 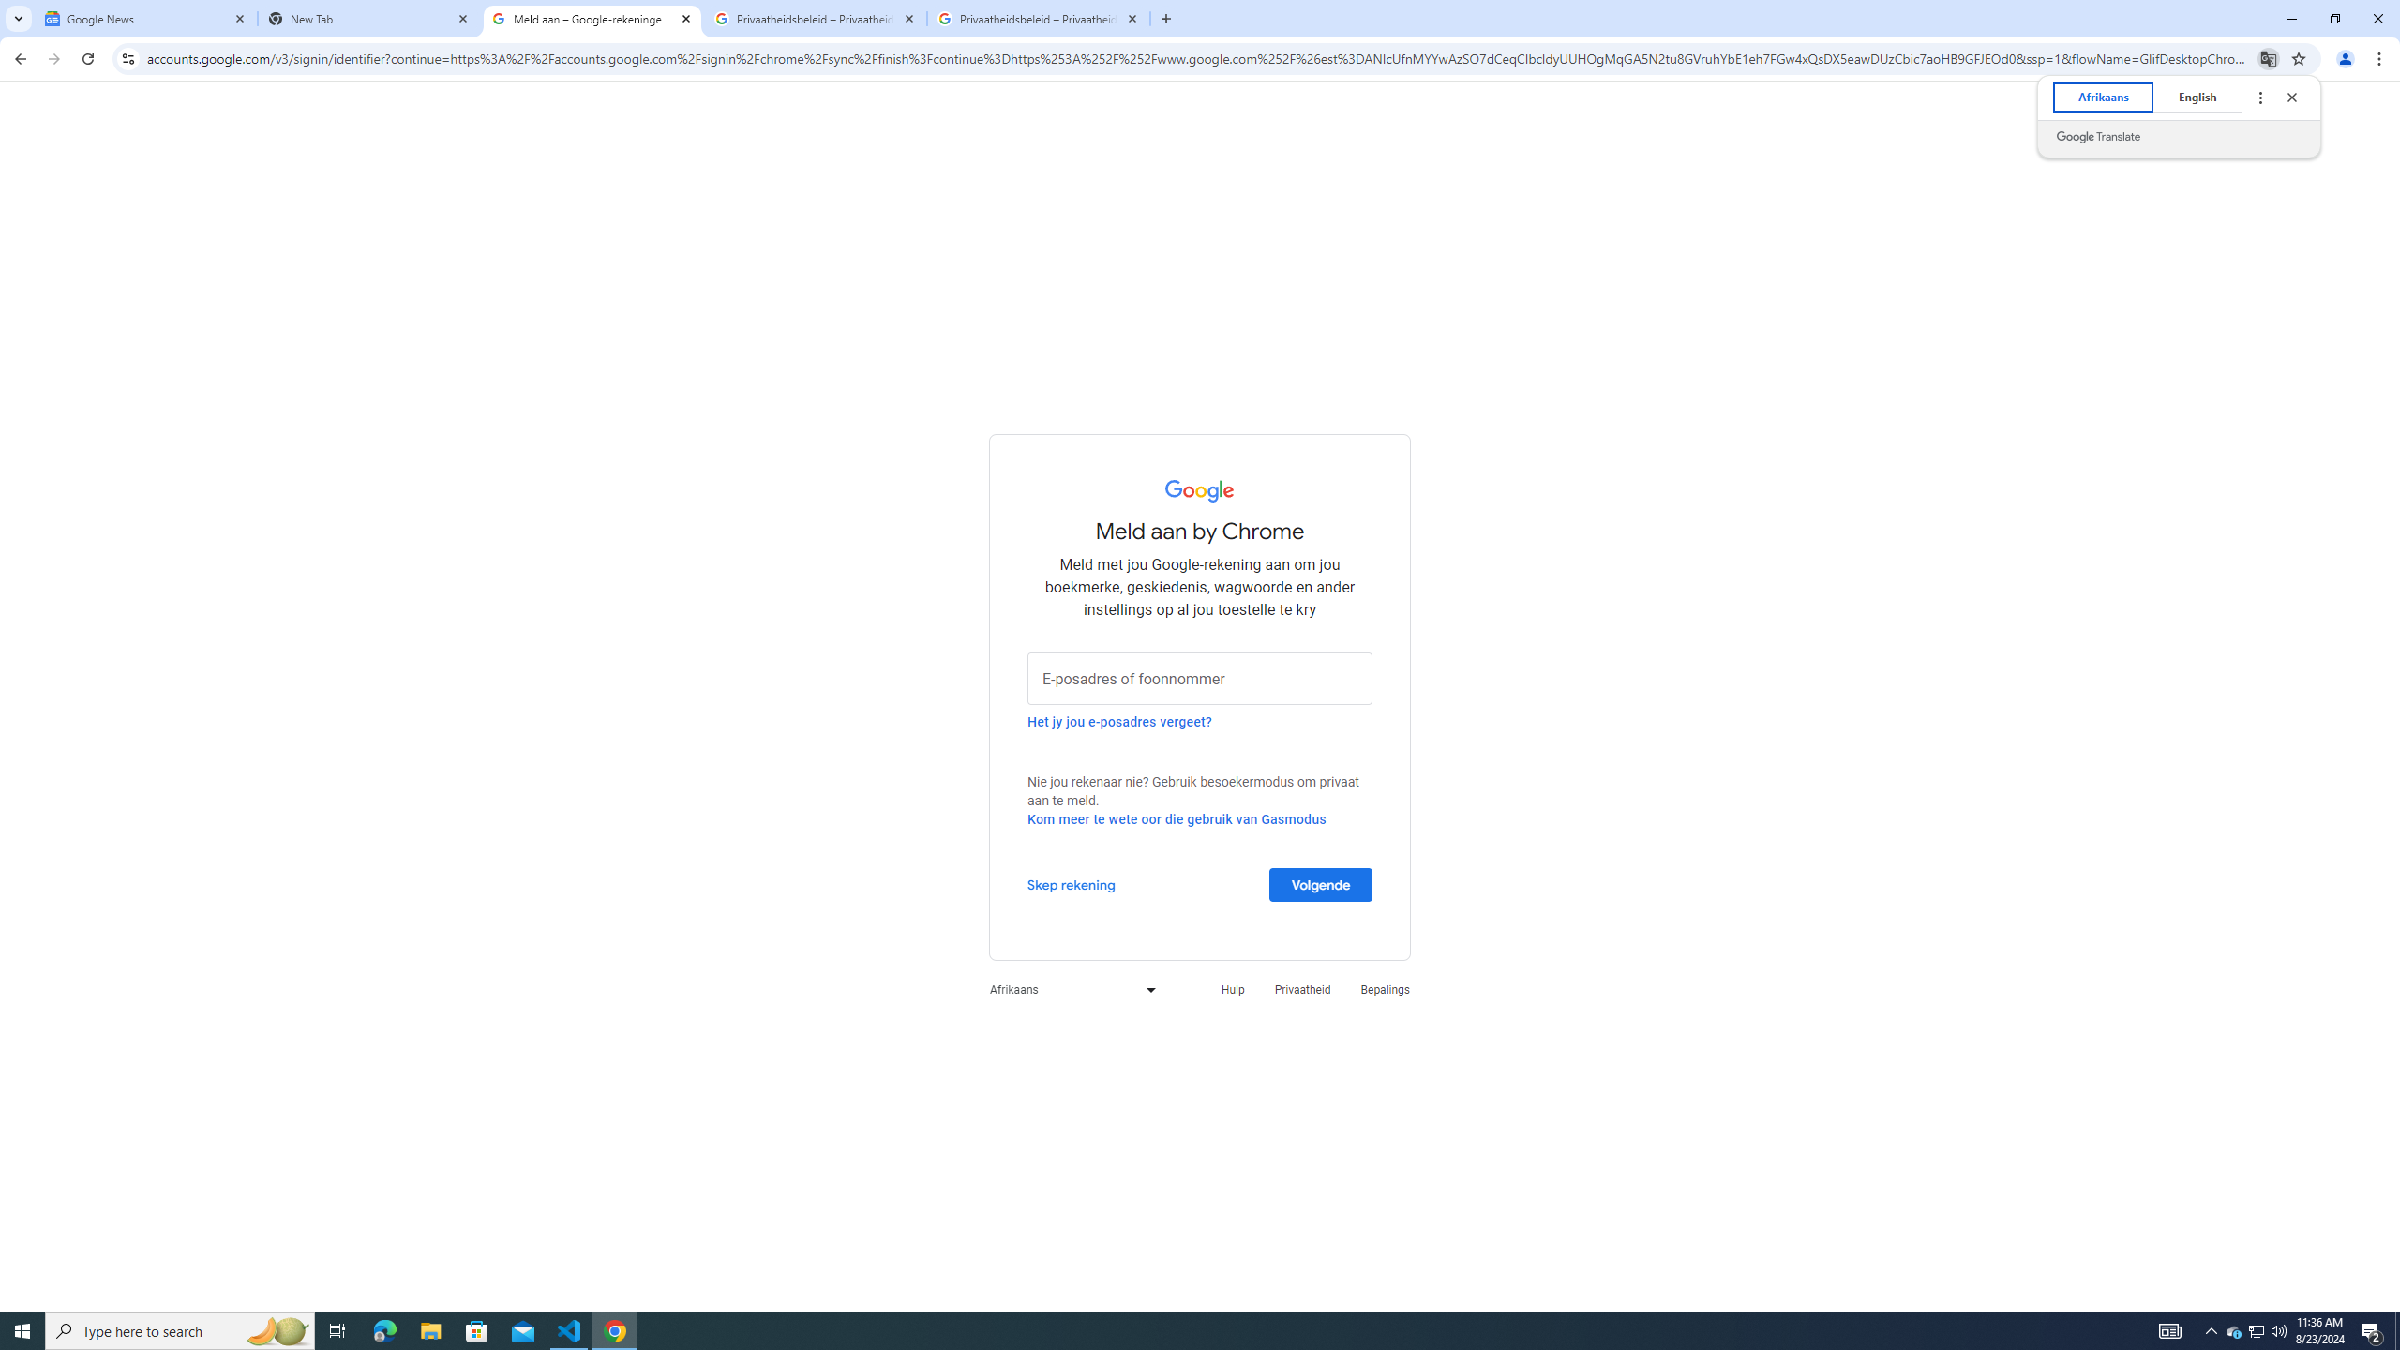 I want to click on 'Start', so click(x=22, y=1329).